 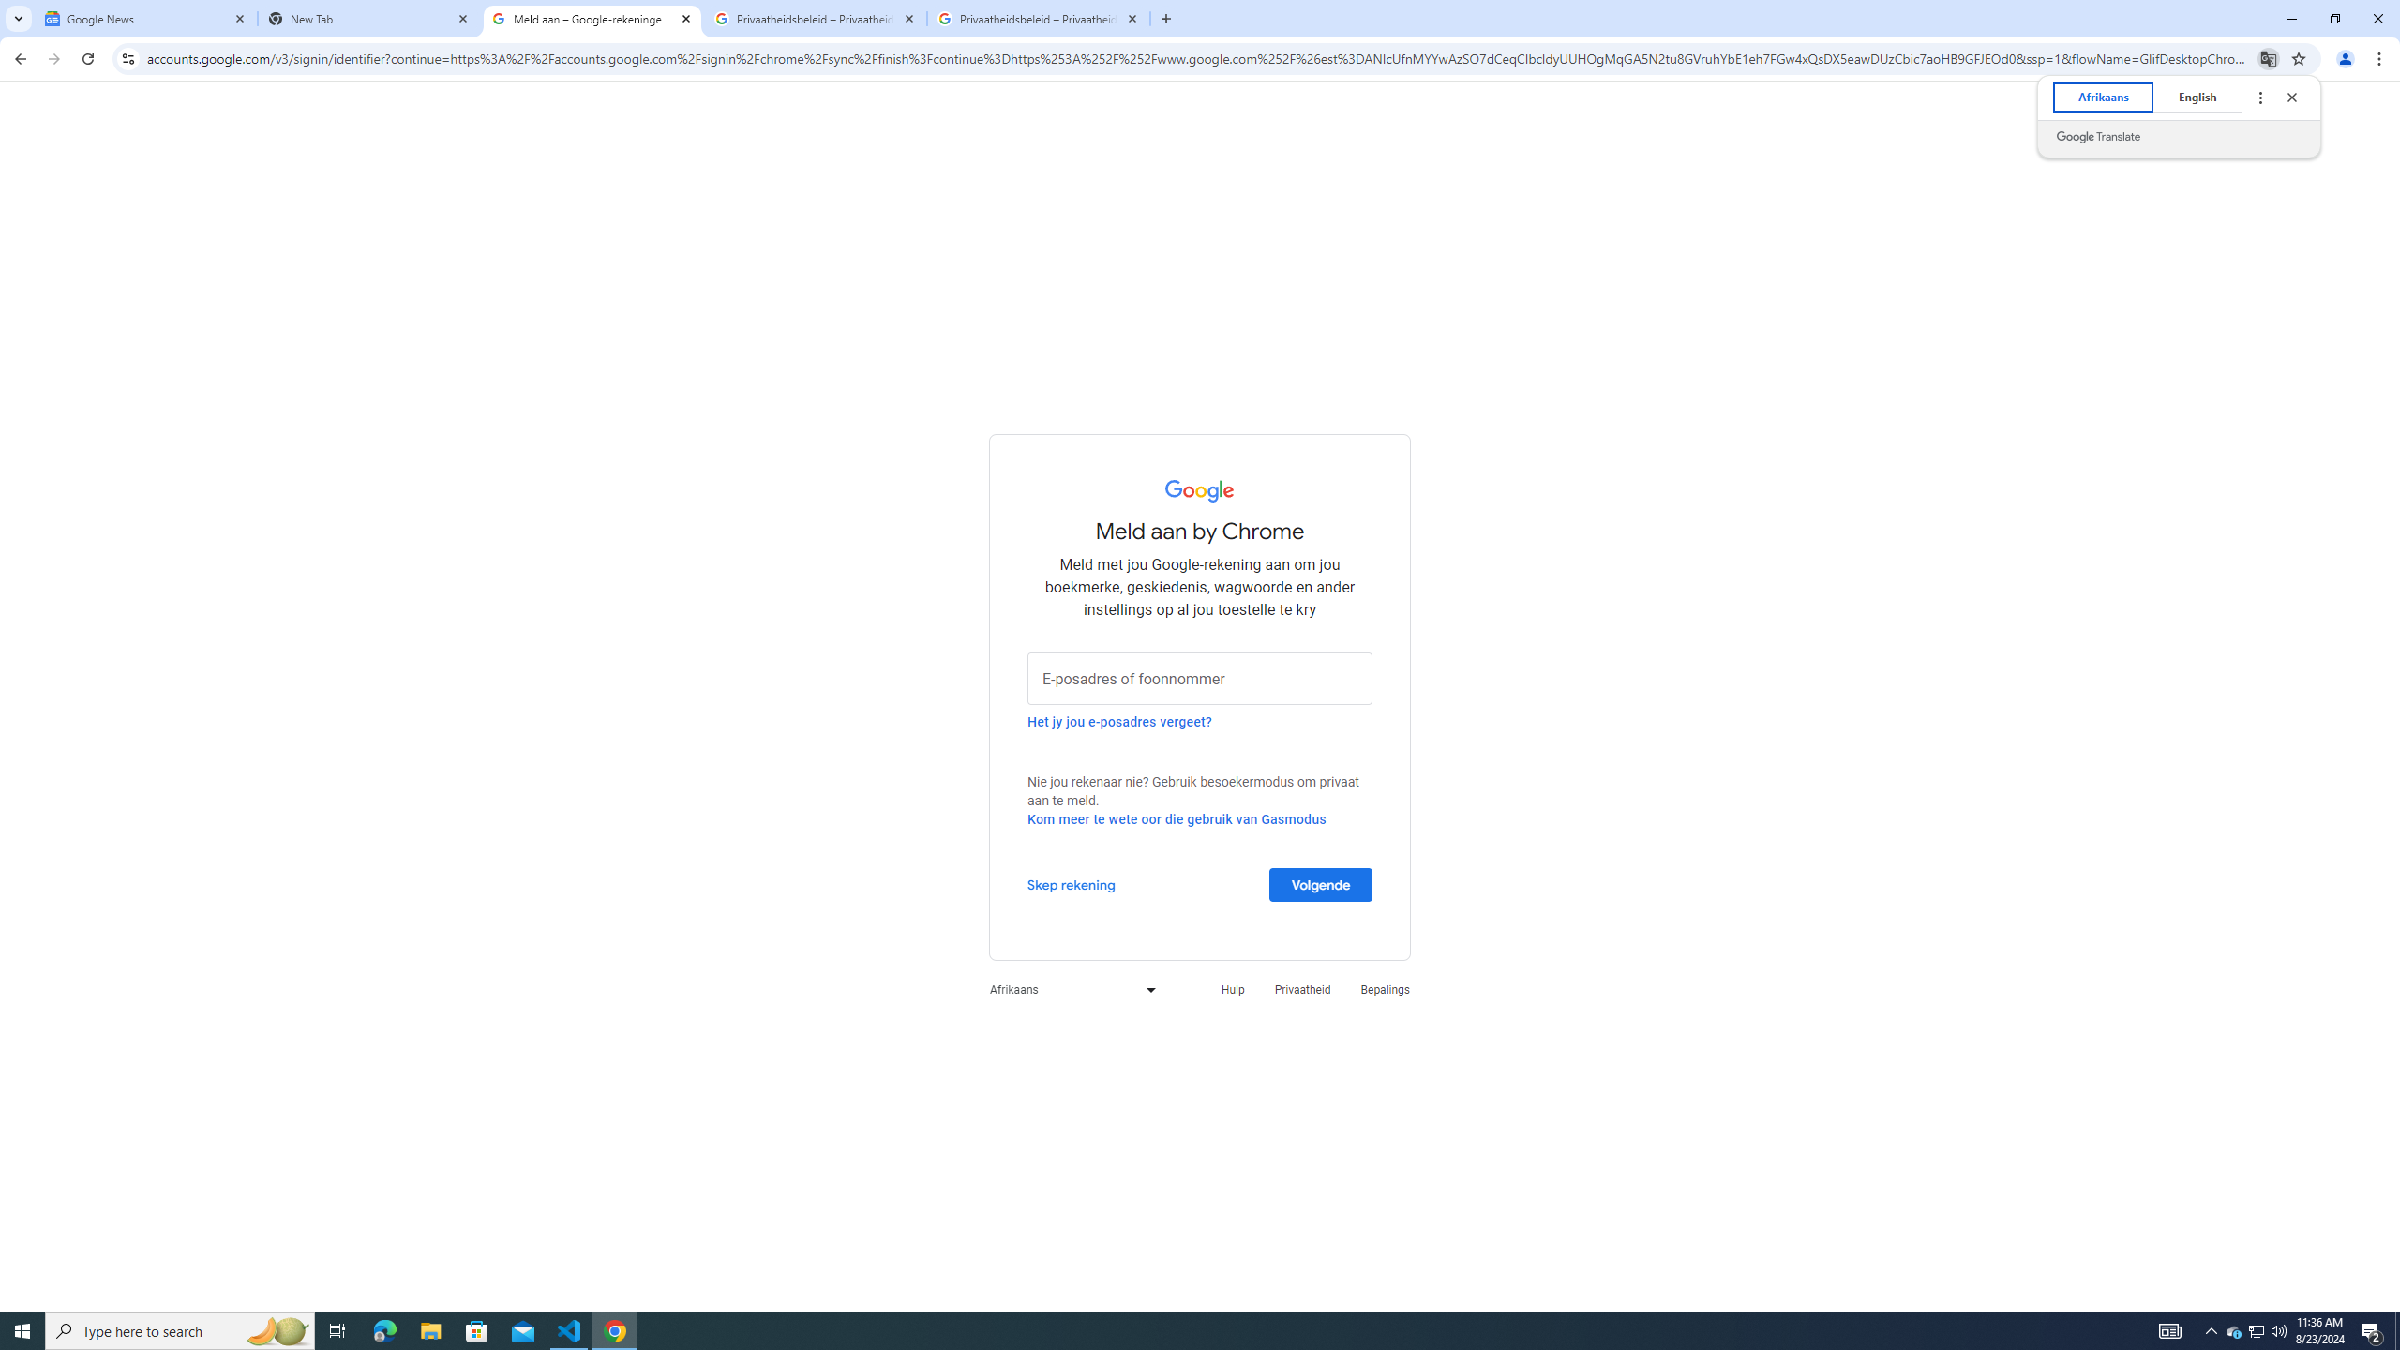 I want to click on 'Start', so click(x=22, y=1329).